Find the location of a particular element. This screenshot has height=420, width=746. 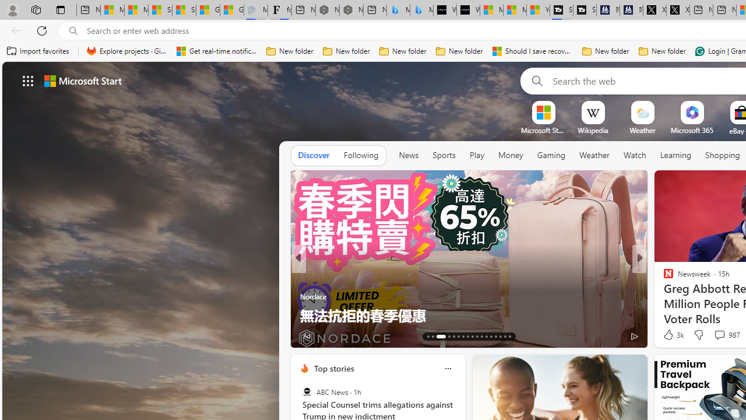

'Learning' is located at coordinates (675, 155).